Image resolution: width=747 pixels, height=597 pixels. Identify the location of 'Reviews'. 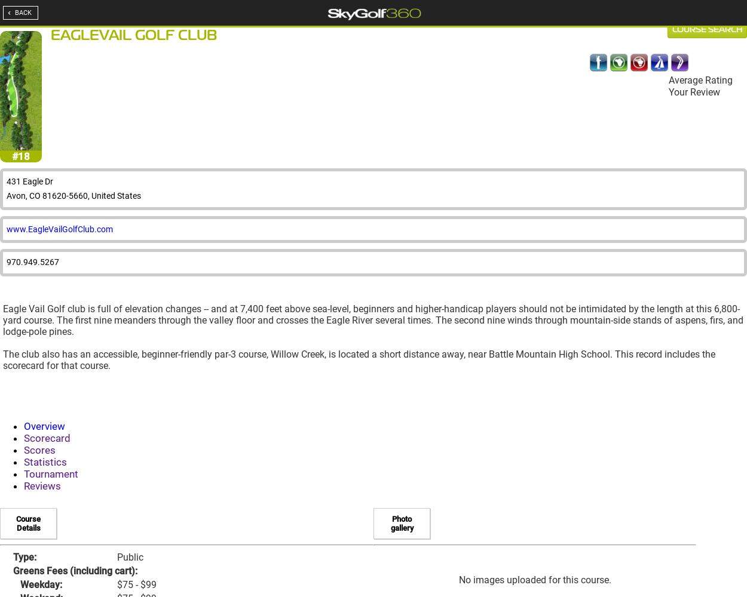
(42, 485).